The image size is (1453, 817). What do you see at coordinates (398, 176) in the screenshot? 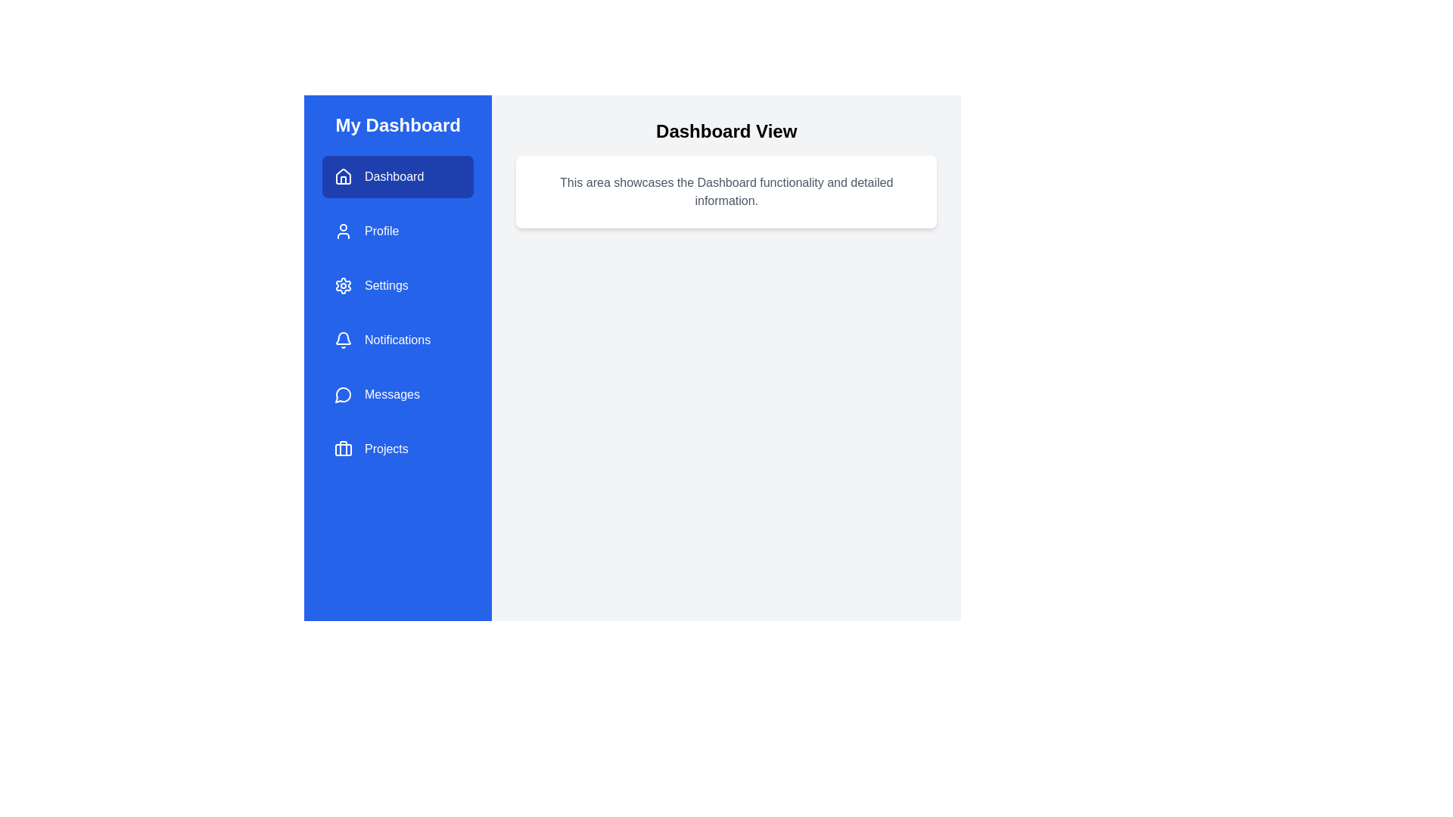
I see `the menu item Dashboard` at bounding box center [398, 176].